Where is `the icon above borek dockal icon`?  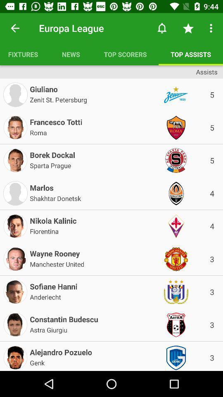 the icon above borek dockal icon is located at coordinates (38, 132).